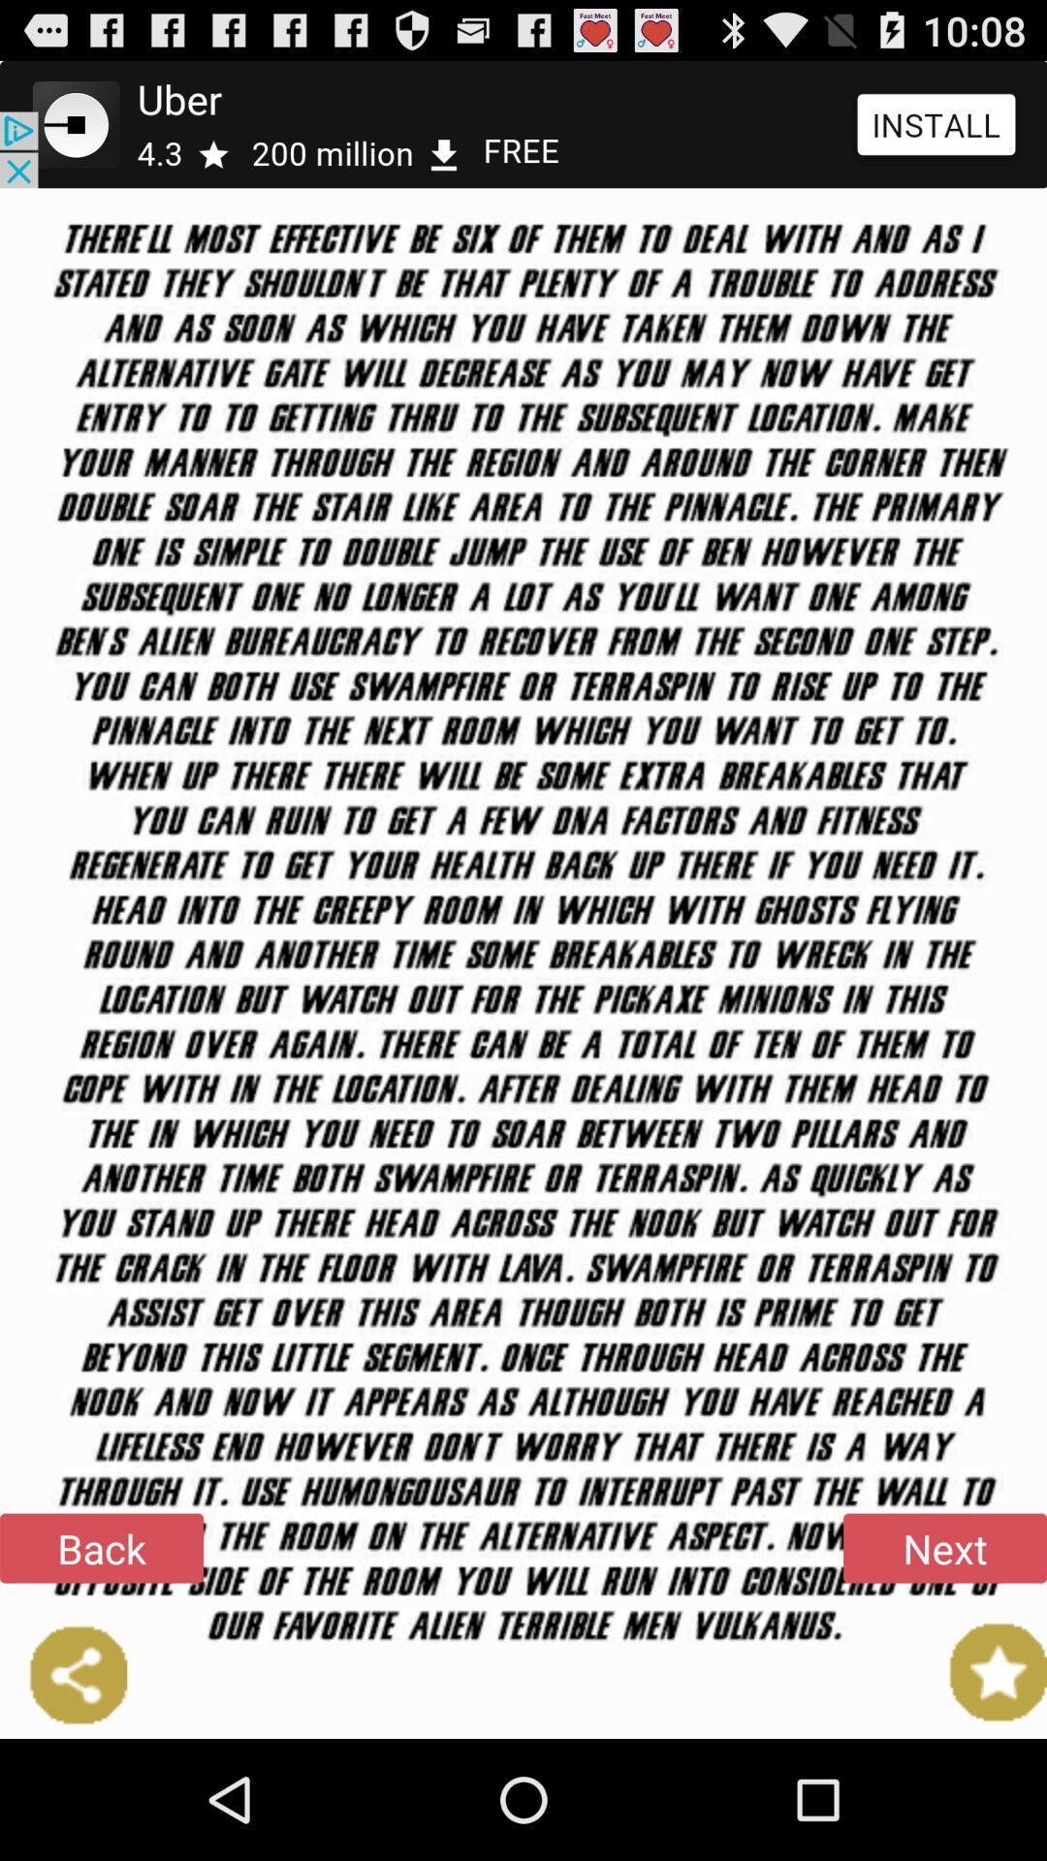  Describe the element at coordinates (101, 1547) in the screenshot. I see `the back button` at that location.